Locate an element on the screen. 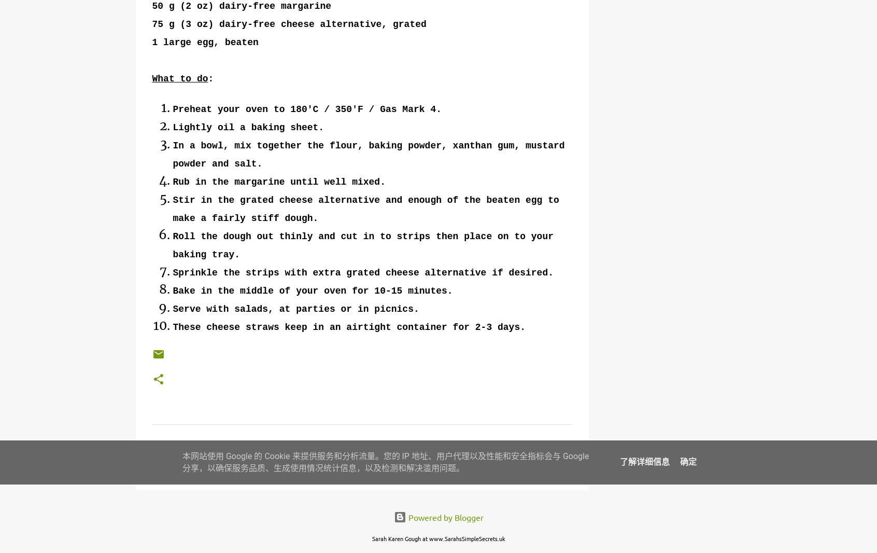 The image size is (877, 553). '75 g (3 oz) dairy-free cheese alternative, grated' is located at coordinates (289, 24).